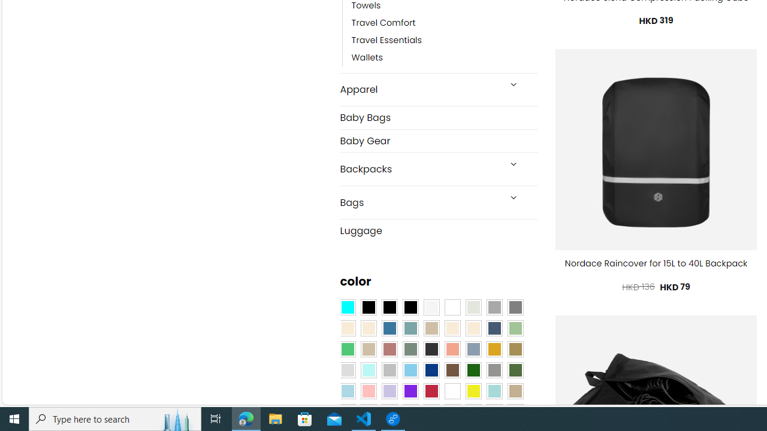 This screenshot has height=431, width=767. Describe the element at coordinates (494, 329) in the screenshot. I see `'Hale Navy'` at that location.